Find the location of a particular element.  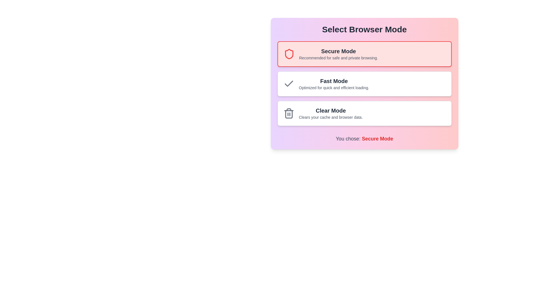

the 'Secure Mode' Label element, which is styled in bold red font and is part of the phrase 'You chose: Secure Mode' is located at coordinates (377, 138).